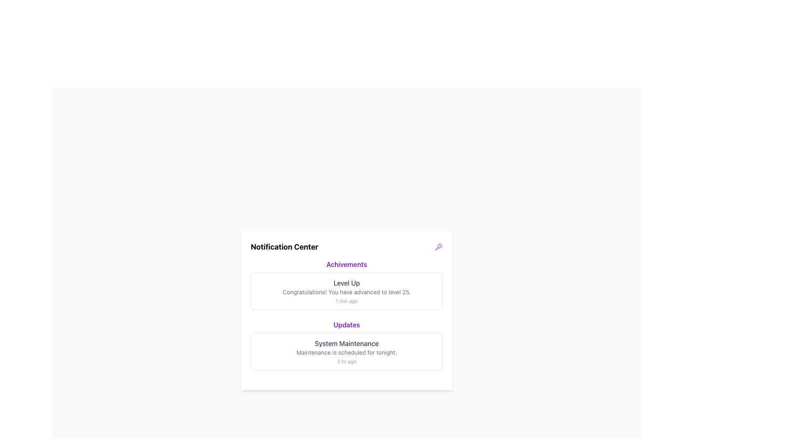  I want to click on information in the Notification Center card containing two notifications: 'Achievements' and 'Updates', so click(347, 315).